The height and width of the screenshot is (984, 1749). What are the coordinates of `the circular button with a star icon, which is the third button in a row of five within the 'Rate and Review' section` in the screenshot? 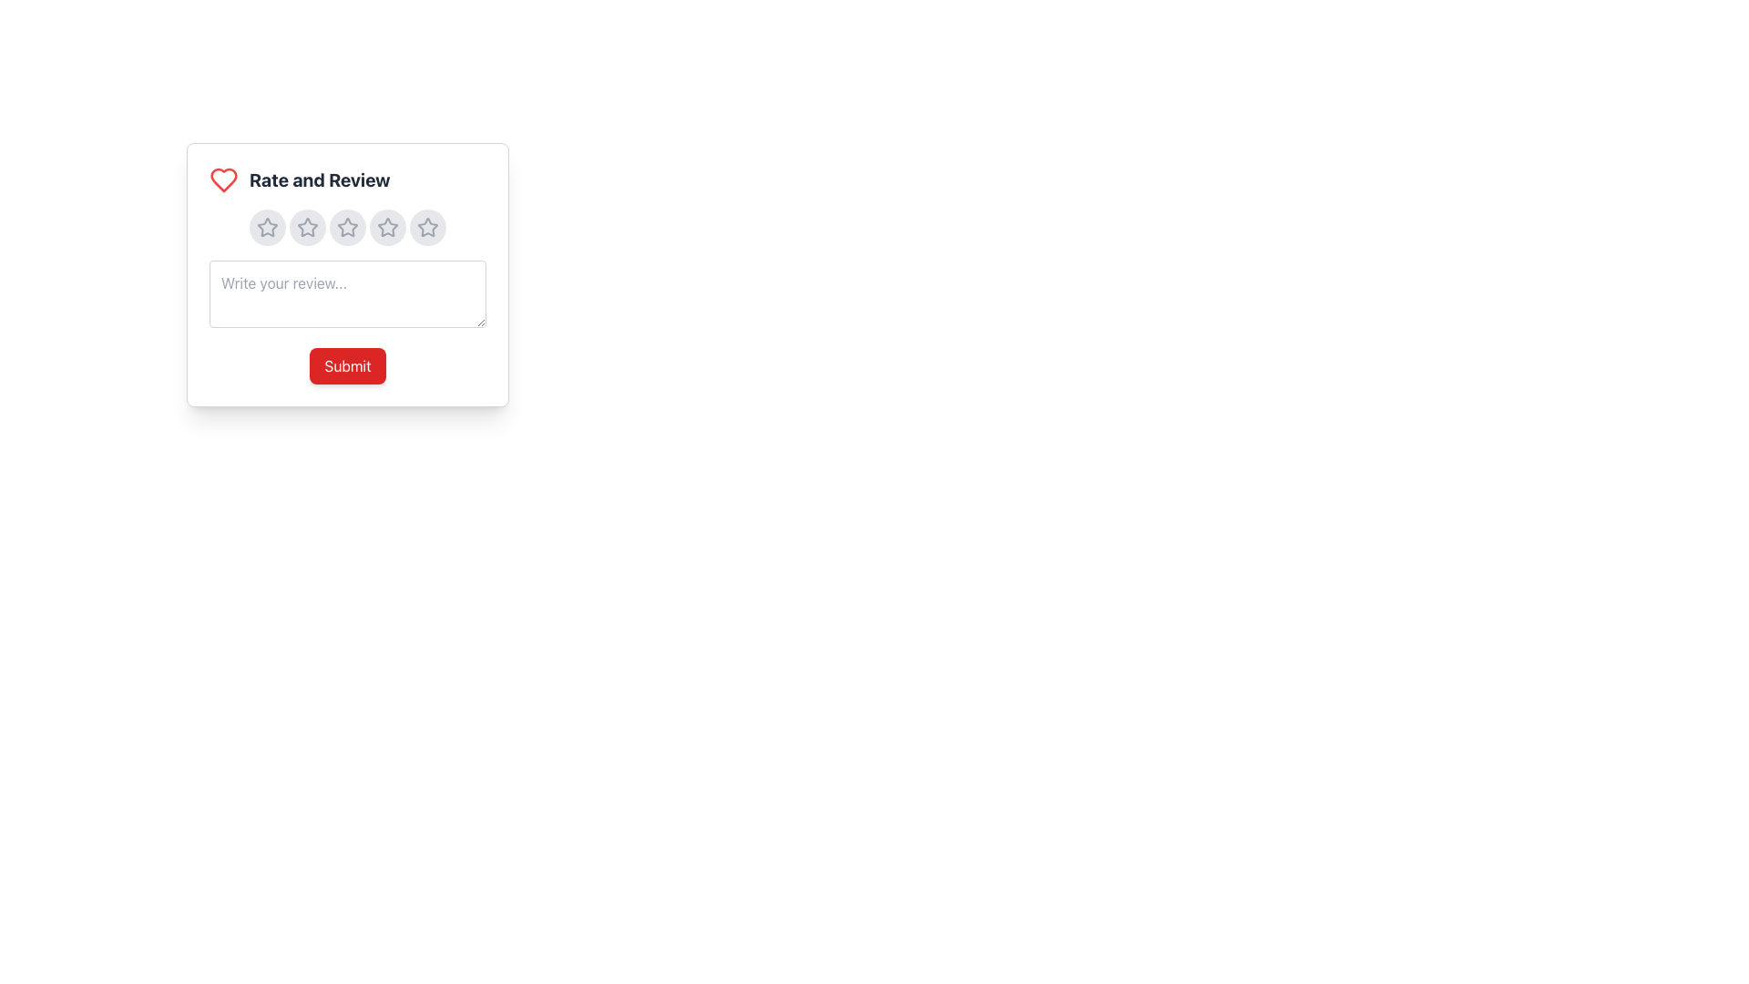 It's located at (348, 227).